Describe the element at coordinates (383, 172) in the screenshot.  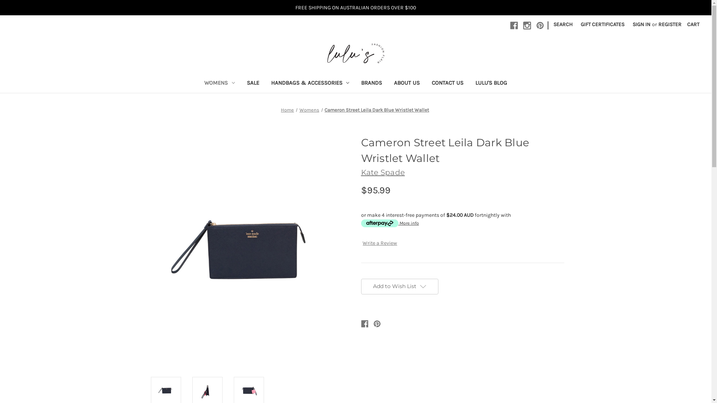
I see `'Kate Spade'` at that location.